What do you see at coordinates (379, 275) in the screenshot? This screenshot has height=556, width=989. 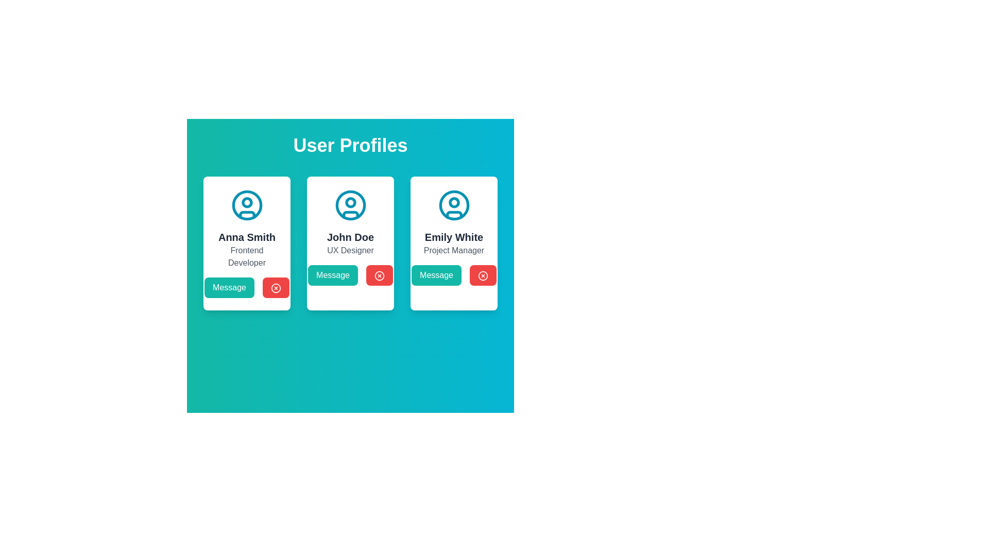 I see `the red rectangular button with rounded corners containing a circled 'X' icon` at bounding box center [379, 275].